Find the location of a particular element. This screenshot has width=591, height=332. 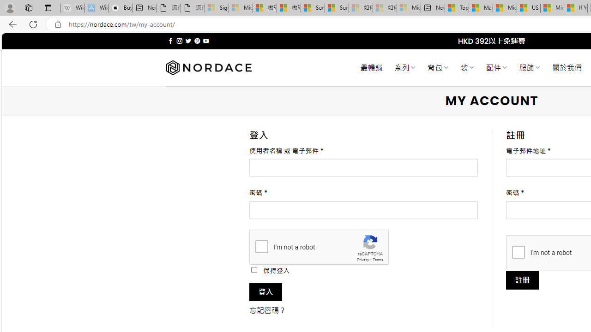

'Terms' is located at coordinates (378, 260).